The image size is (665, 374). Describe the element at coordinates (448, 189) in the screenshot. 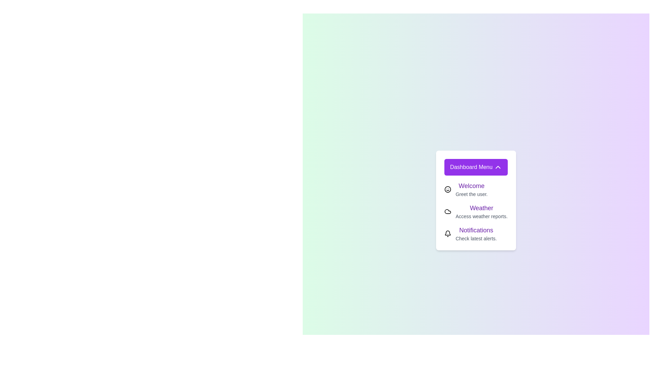

I see `the menu item corresponding to Welcome` at that location.